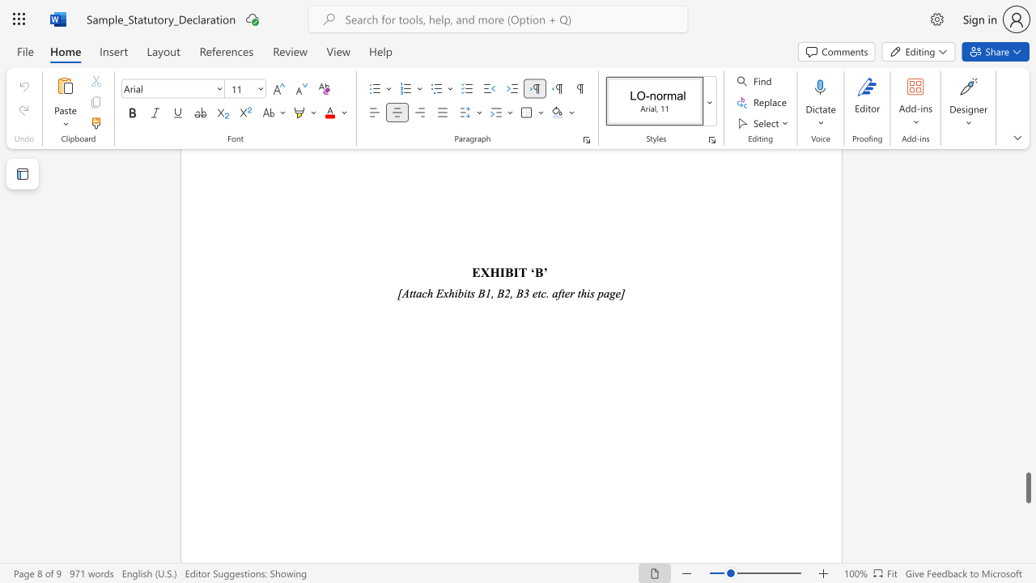  I want to click on the scrollbar, so click(1027, 338).